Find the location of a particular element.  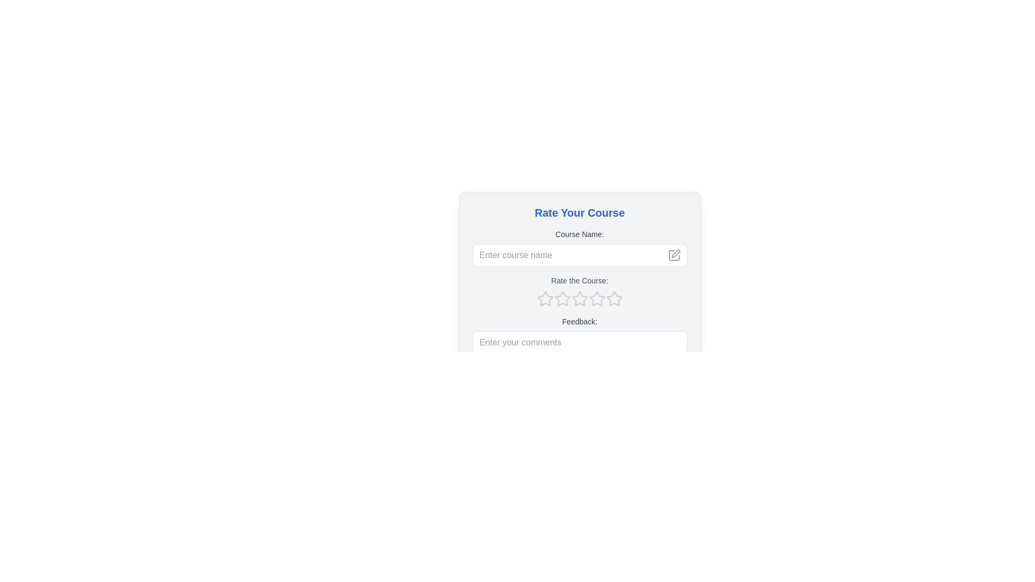

the vector graphic icon resembling a square with rounded corners, located next to the input field labeled 'Enter course name' in the rating form is located at coordinates (673, 255).